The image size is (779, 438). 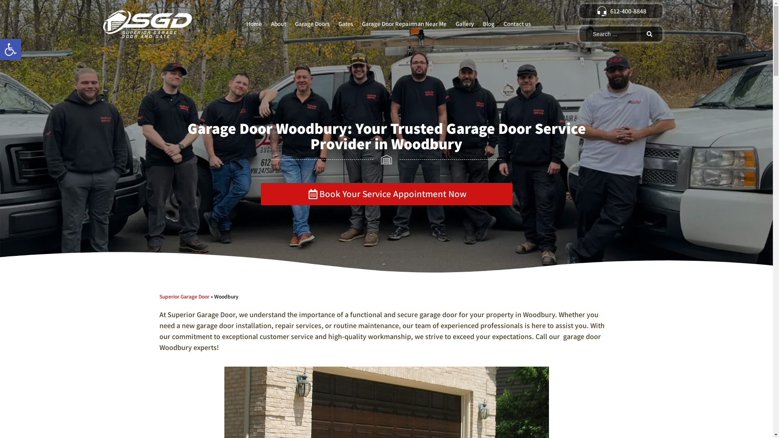 What do you see at coordinates (10, 49) in the screenshot?
I see `'Open toolbar` at bounding box center [10, 49].